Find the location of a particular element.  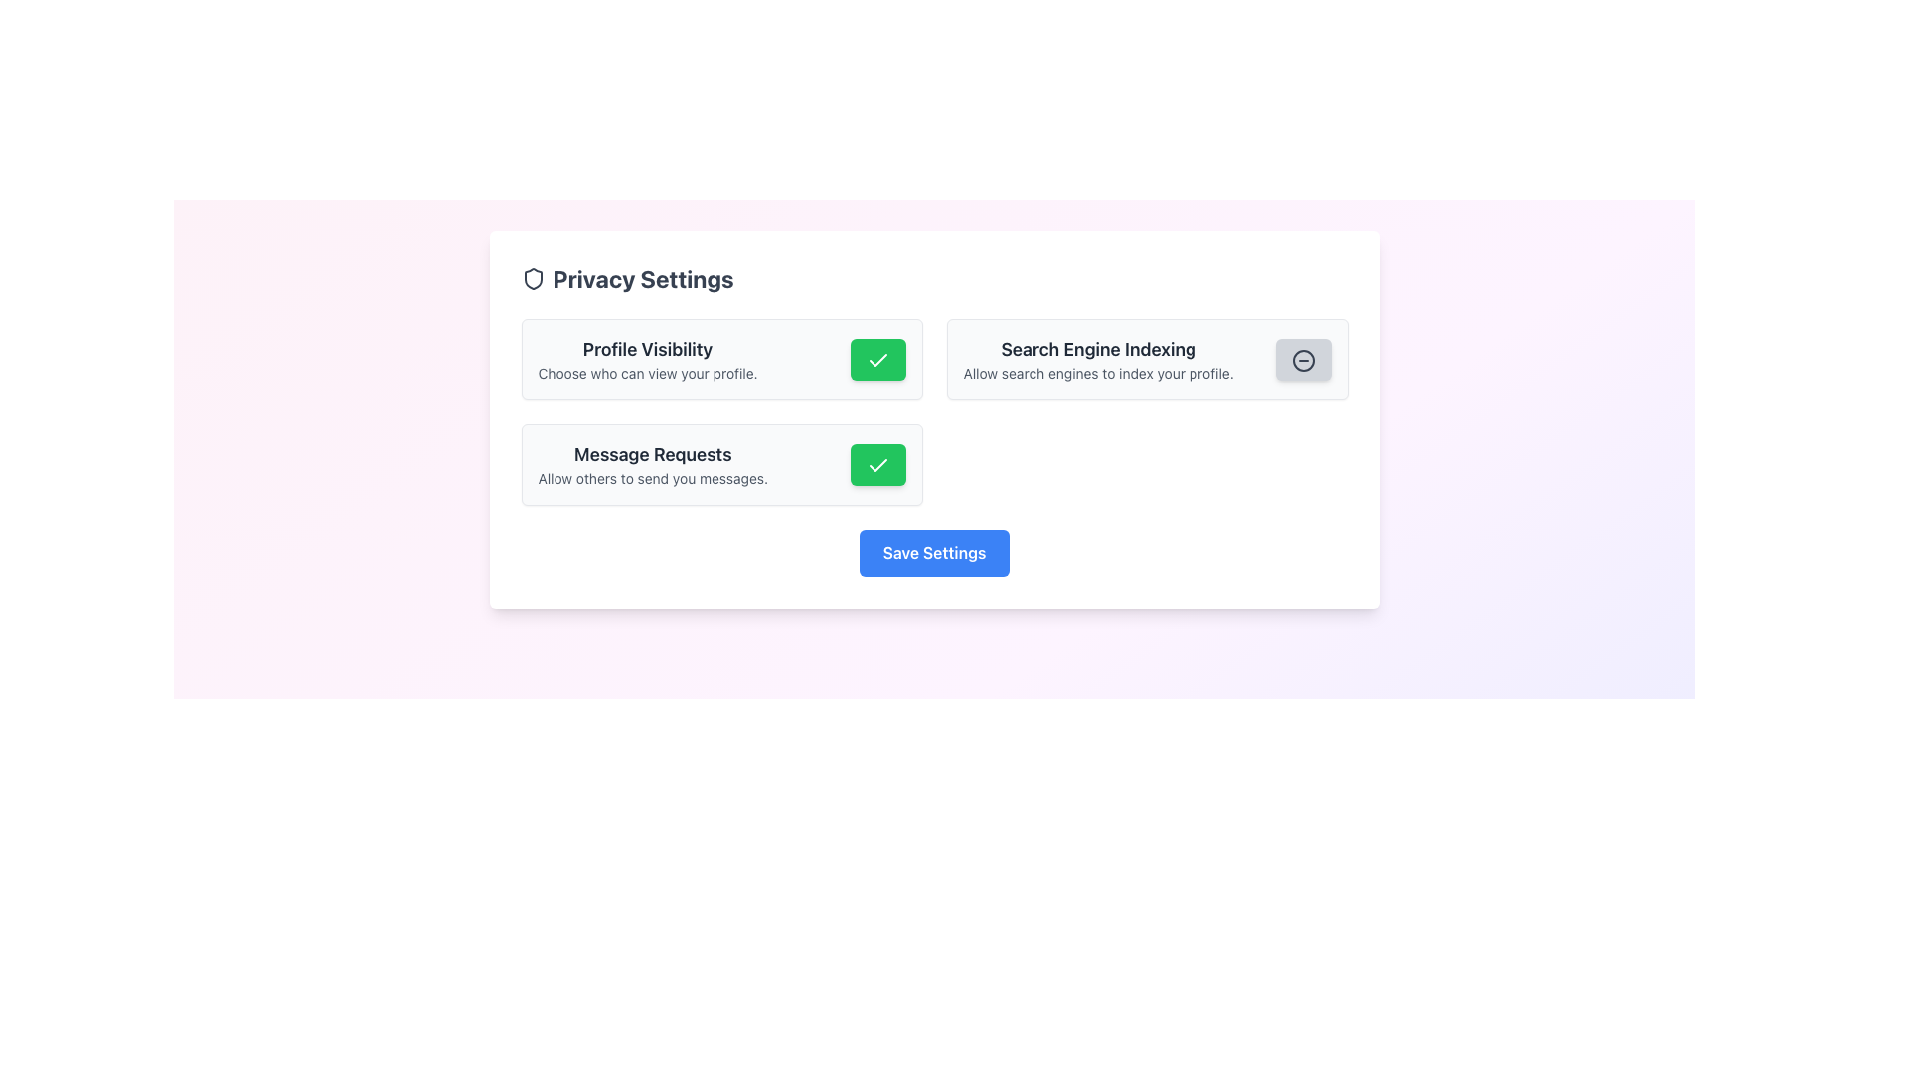

the save button located at the bottom center of the 'Privacy Settings' panel is located at coordinates (933, 552).